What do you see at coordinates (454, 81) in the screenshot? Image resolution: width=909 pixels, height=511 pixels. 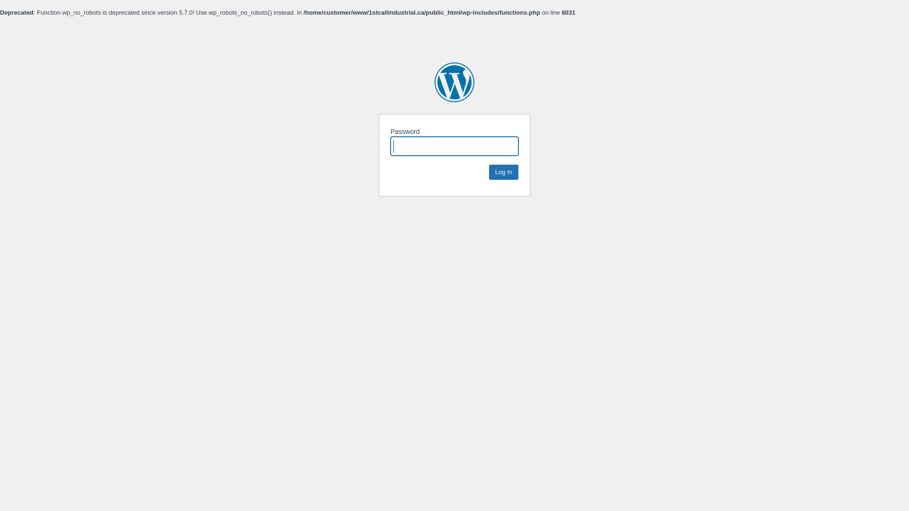 I see `'1st Call Industrial Ltd.'` at bounding box center [454, 81].